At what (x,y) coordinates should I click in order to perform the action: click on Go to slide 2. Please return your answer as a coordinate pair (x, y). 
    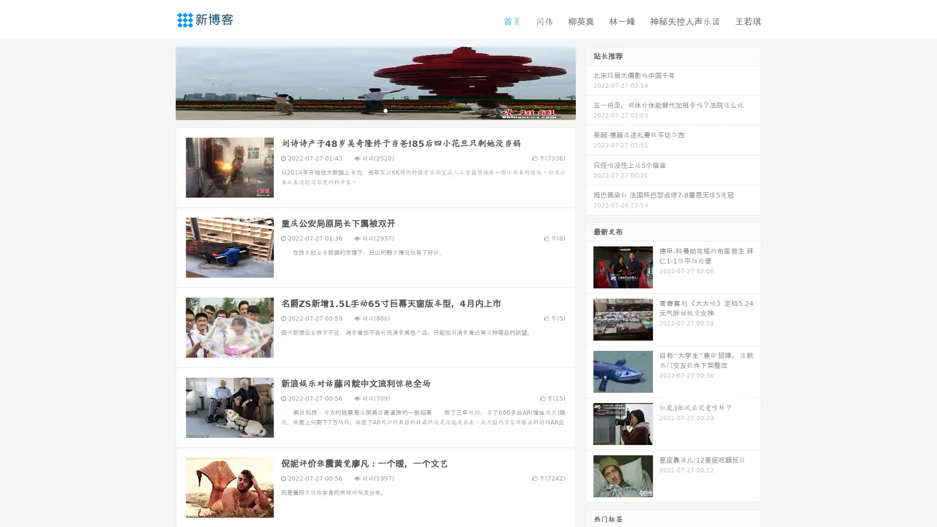
    Looking at the image, I should click on (375, 110).